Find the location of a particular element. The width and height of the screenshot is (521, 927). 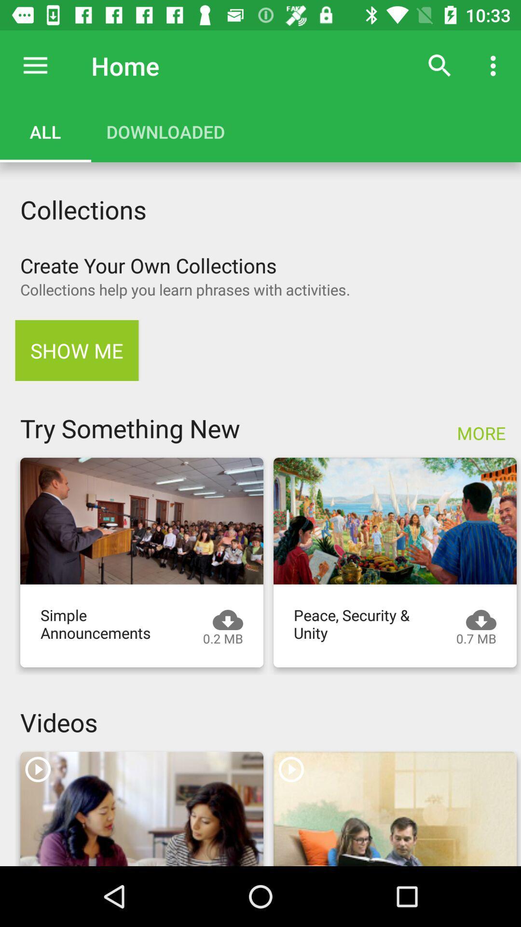

home is located at coordinates (35, 65).